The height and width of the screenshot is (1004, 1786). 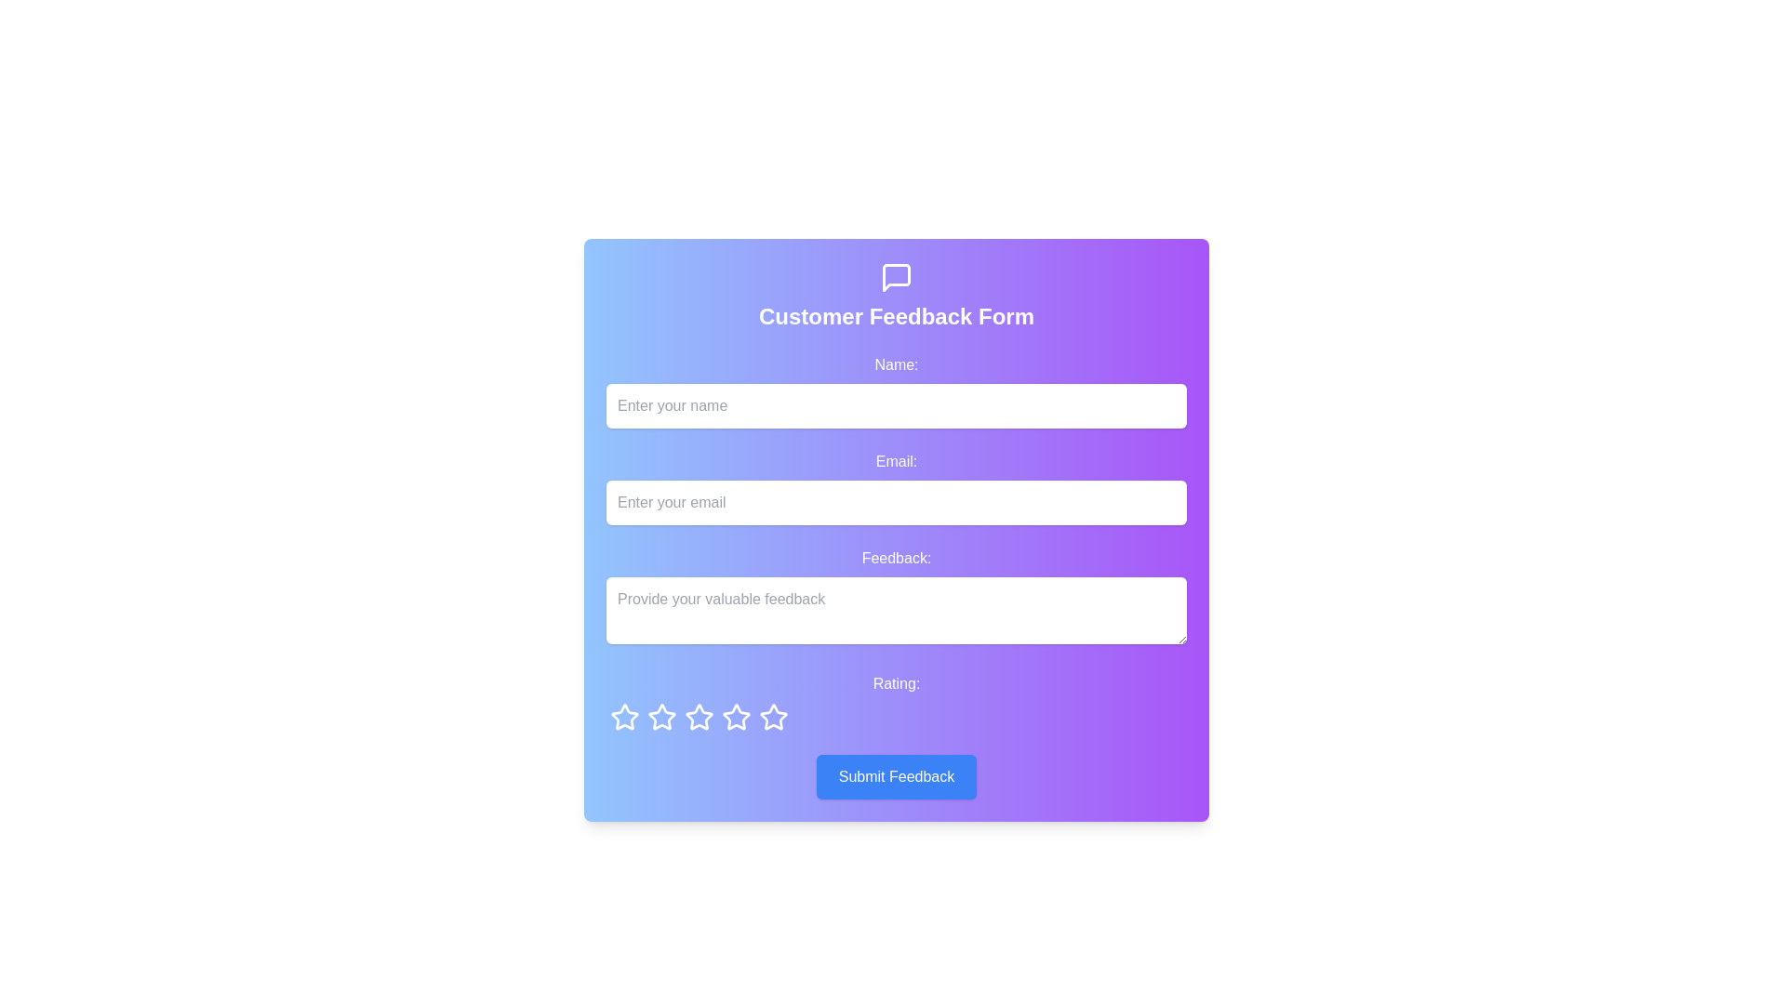 What do you see at coordinates (736, 716) in the screenshot?
I see `the fourth star-shaped icon in the rating section` at bounding box center [736, 716].